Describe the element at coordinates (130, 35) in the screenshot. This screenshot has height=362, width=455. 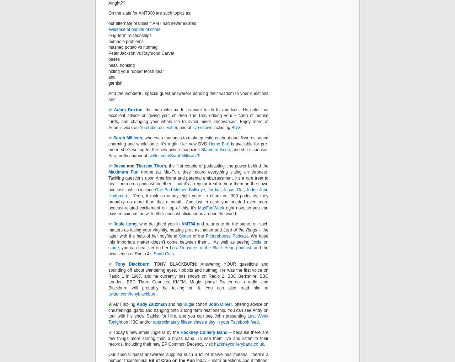
I see `'long-term relationships'` at that location.